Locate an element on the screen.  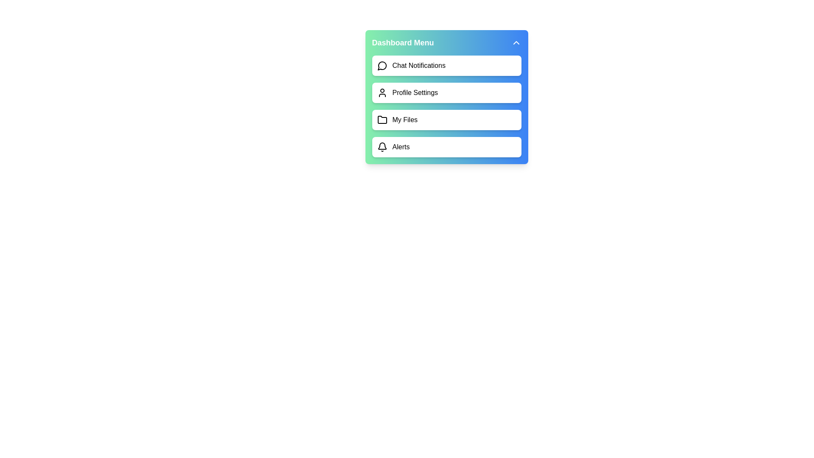
the menu item My Files by clicking on it is located at coordinates (446, 120).